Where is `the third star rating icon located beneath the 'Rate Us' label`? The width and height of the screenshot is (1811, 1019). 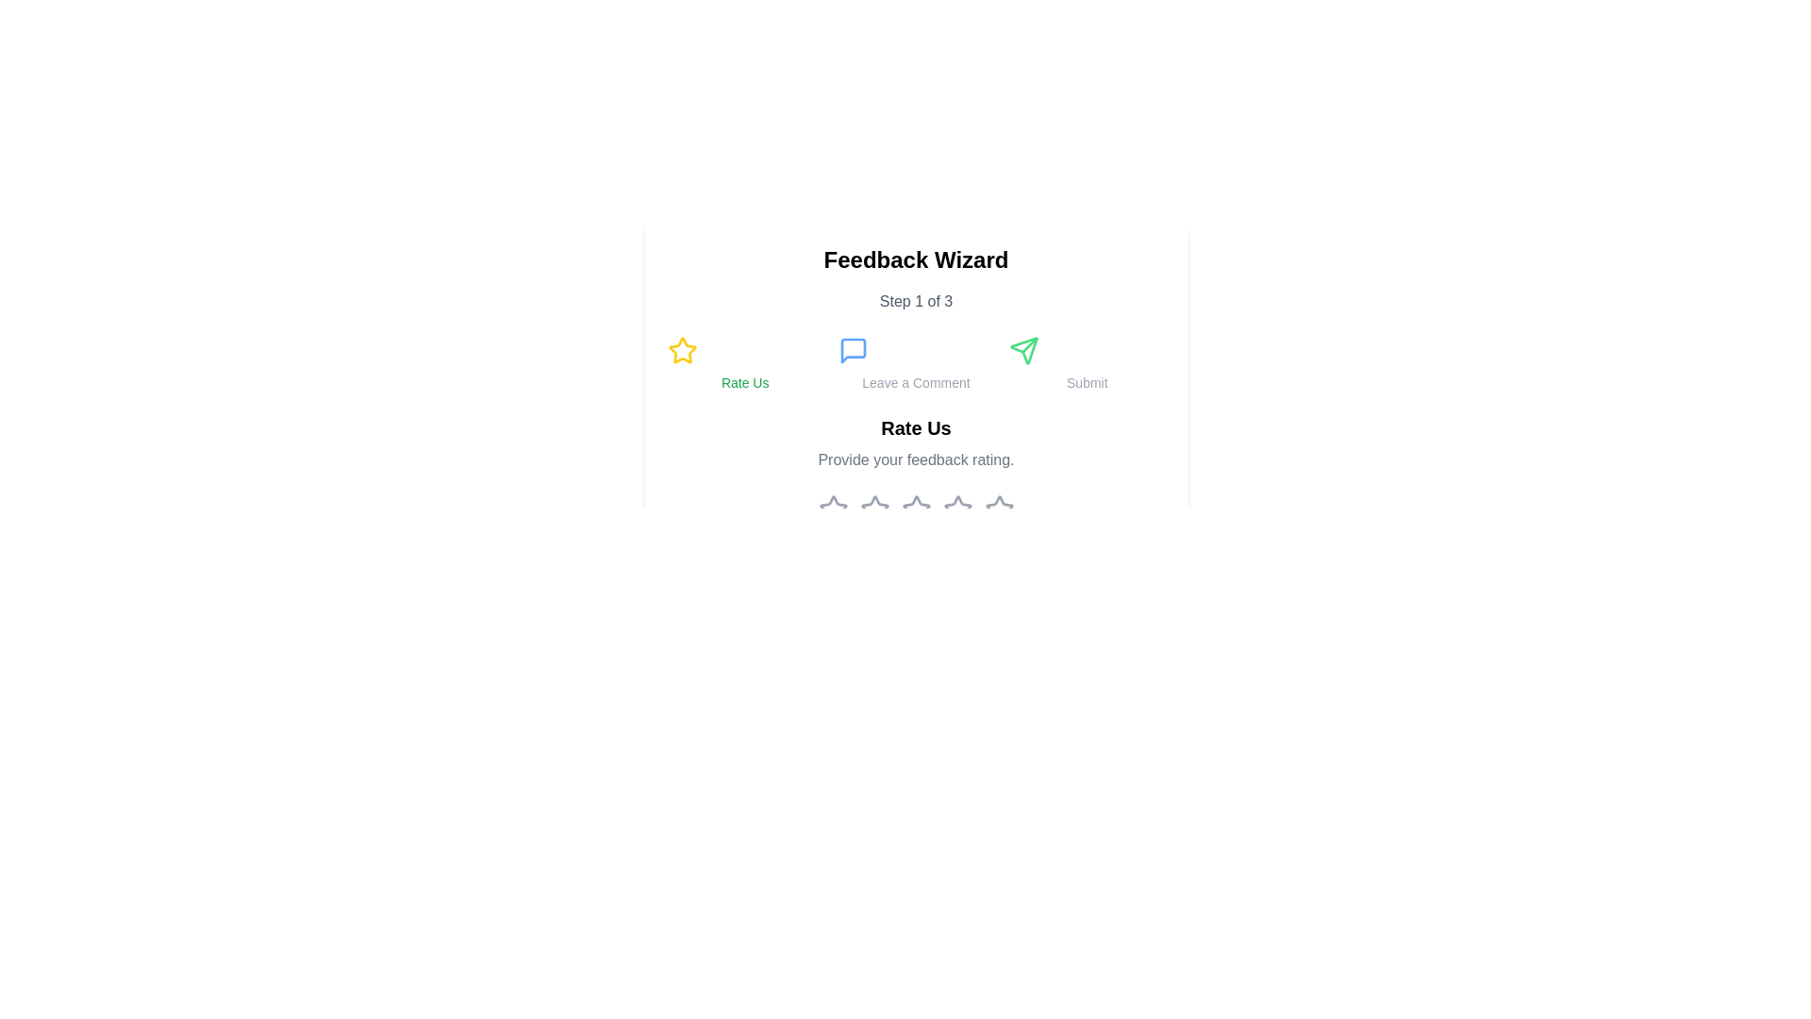 the third star rating icon located beneath the 'Rate Us' label is located at coordinates (873, 508).